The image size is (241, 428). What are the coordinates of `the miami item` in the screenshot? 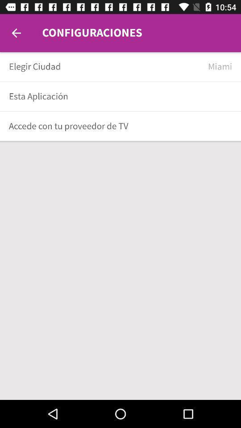 It's located at (220, 66).